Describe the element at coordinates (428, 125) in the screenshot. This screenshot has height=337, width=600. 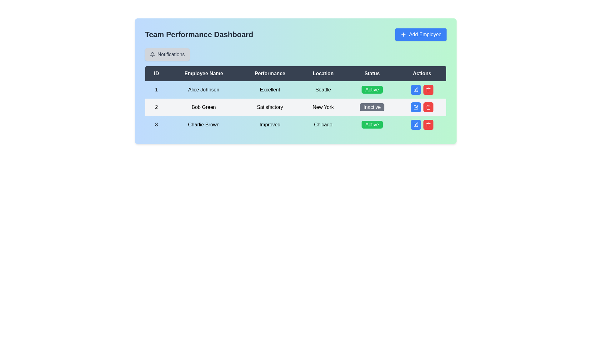
I see `the trash bin icon button in the 'Actions' section of the table for 'Bob Green'` at that location.